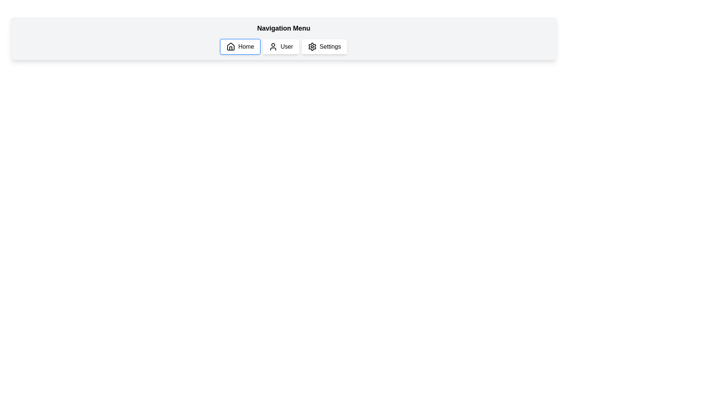  I want to click on text label 'Navigation Menu' which is styled in bold and positioned at the top center of the navigation section, directly above the buttons 'Home', 'User', and 'Settings', so click(283, 28).